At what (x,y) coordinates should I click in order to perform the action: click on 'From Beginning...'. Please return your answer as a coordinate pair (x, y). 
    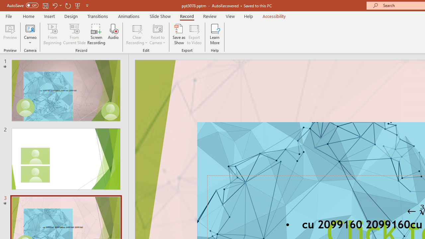
    Looking at the image, I should click on (52, 34).